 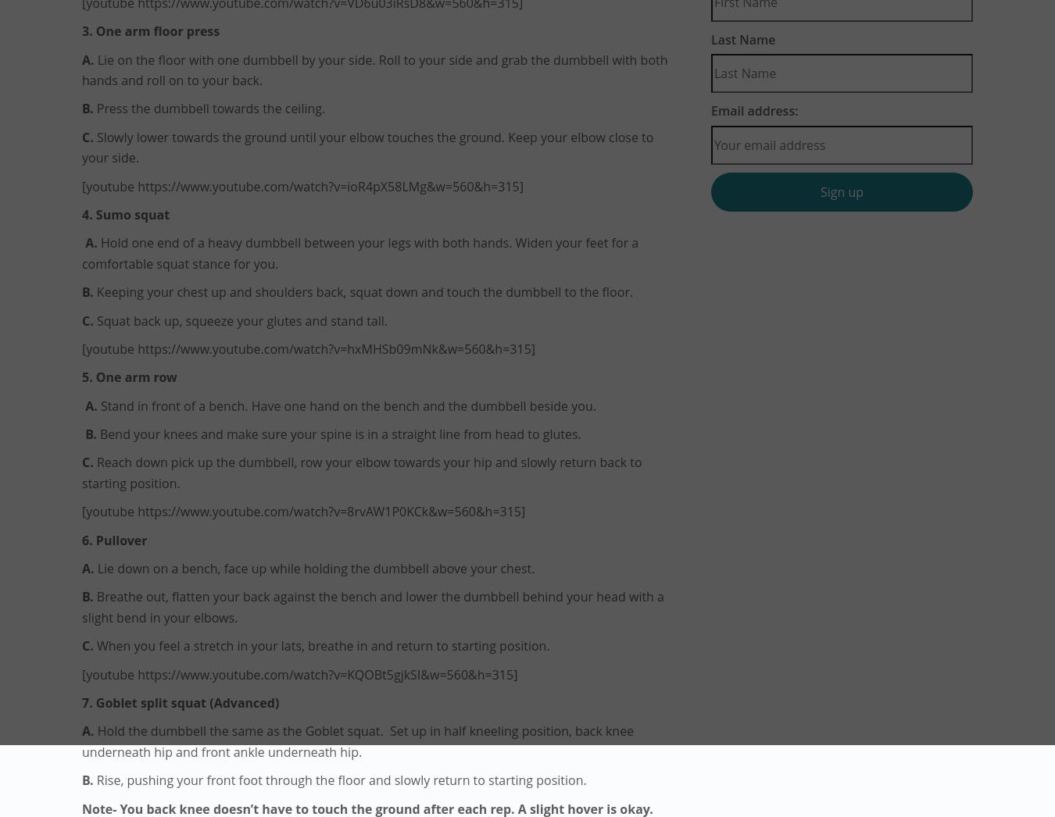 What do you see at coordinates (81, 377) in the screenshot?
I see `'5. One arm row'` at bounding box center [81, 377].